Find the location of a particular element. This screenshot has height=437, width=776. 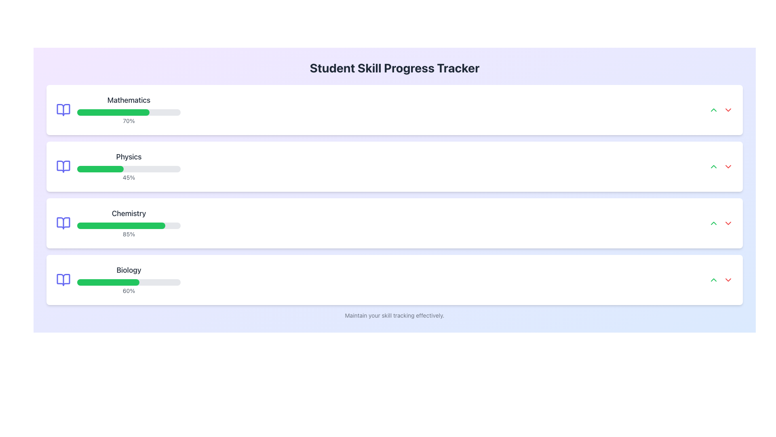

the progress bar fill for the 'Chemistry' skill, which visually represents the task progress in the tracking interface is located at coordinates (120, 226).